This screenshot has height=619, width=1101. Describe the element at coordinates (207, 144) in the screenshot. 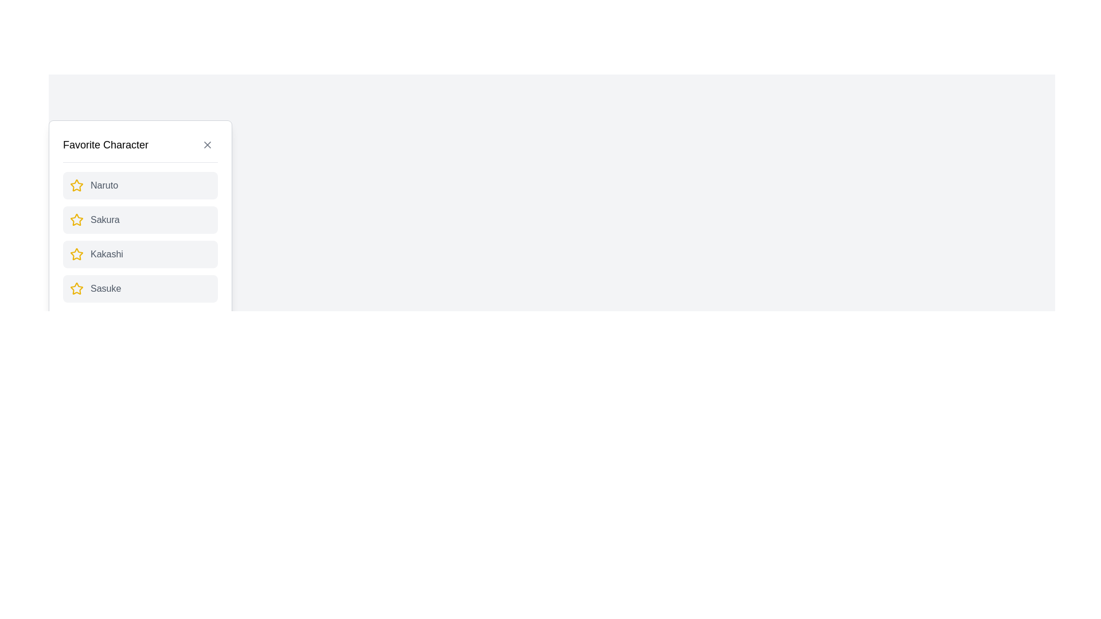

I see `the close or delete button located at the top-right corner of the 'Favorite Character' card` at that location.